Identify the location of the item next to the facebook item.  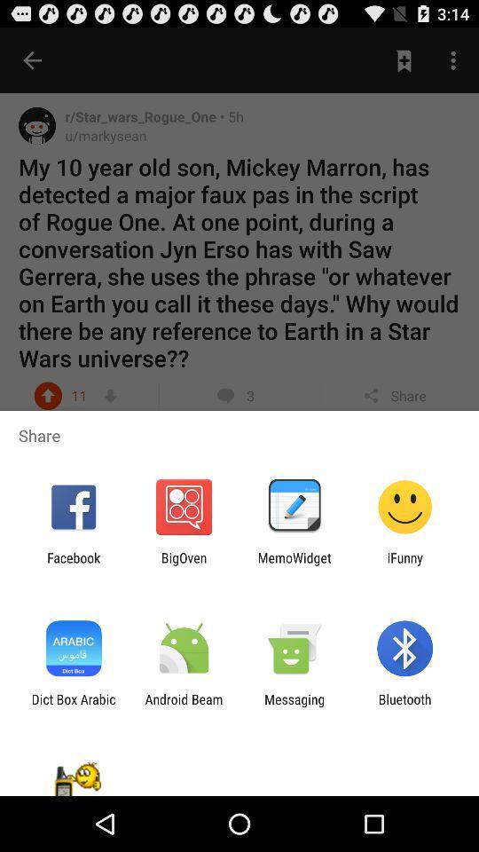
(183, 564).